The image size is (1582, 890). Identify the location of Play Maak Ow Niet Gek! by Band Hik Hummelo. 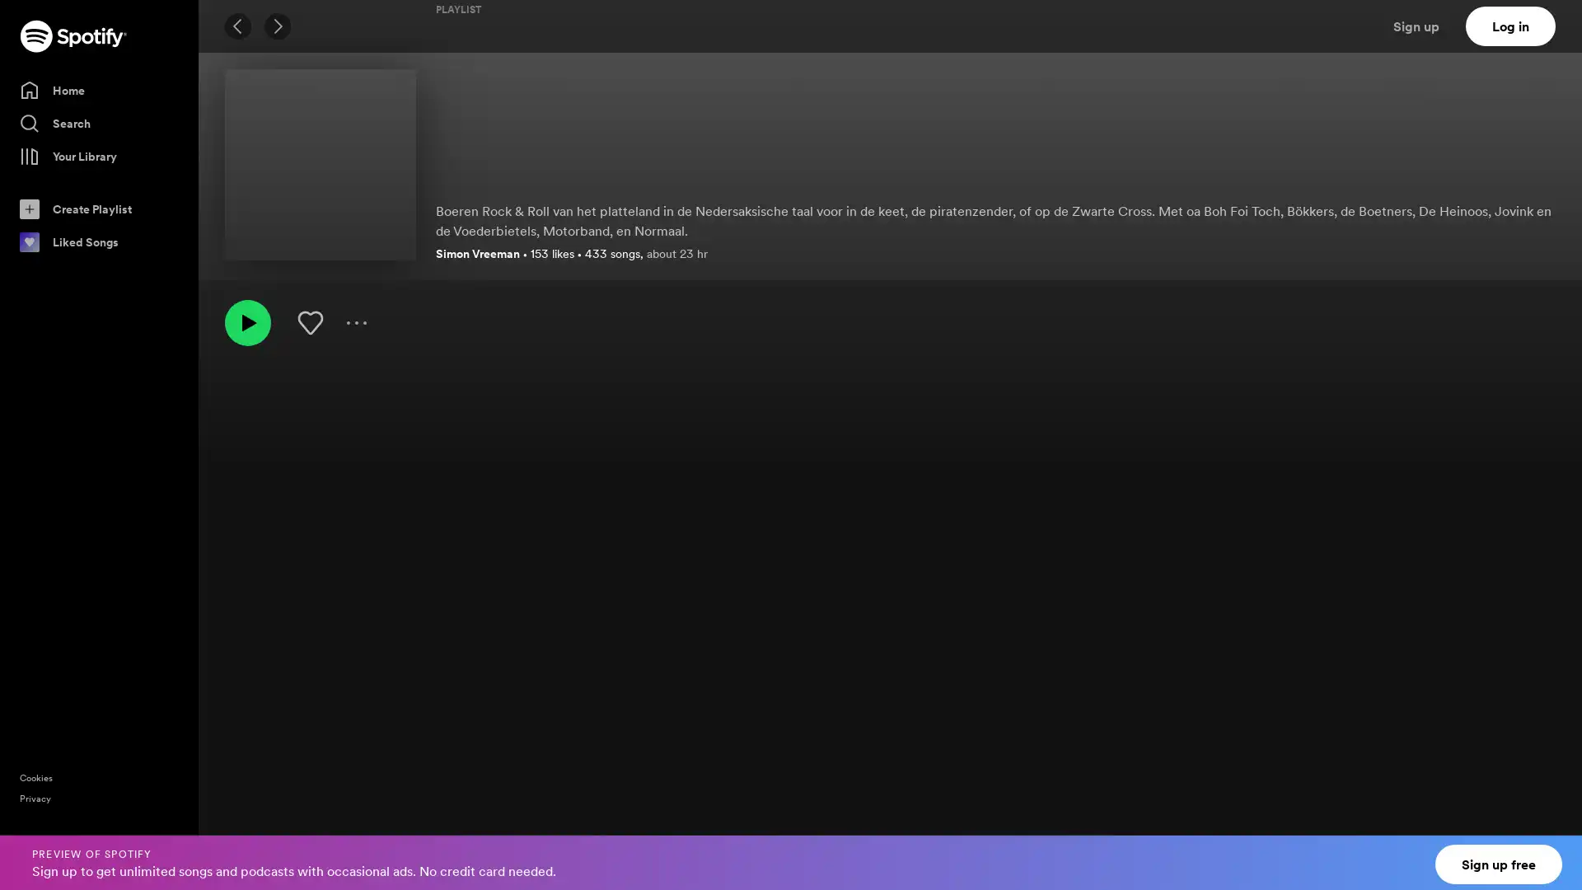
(245, 617).